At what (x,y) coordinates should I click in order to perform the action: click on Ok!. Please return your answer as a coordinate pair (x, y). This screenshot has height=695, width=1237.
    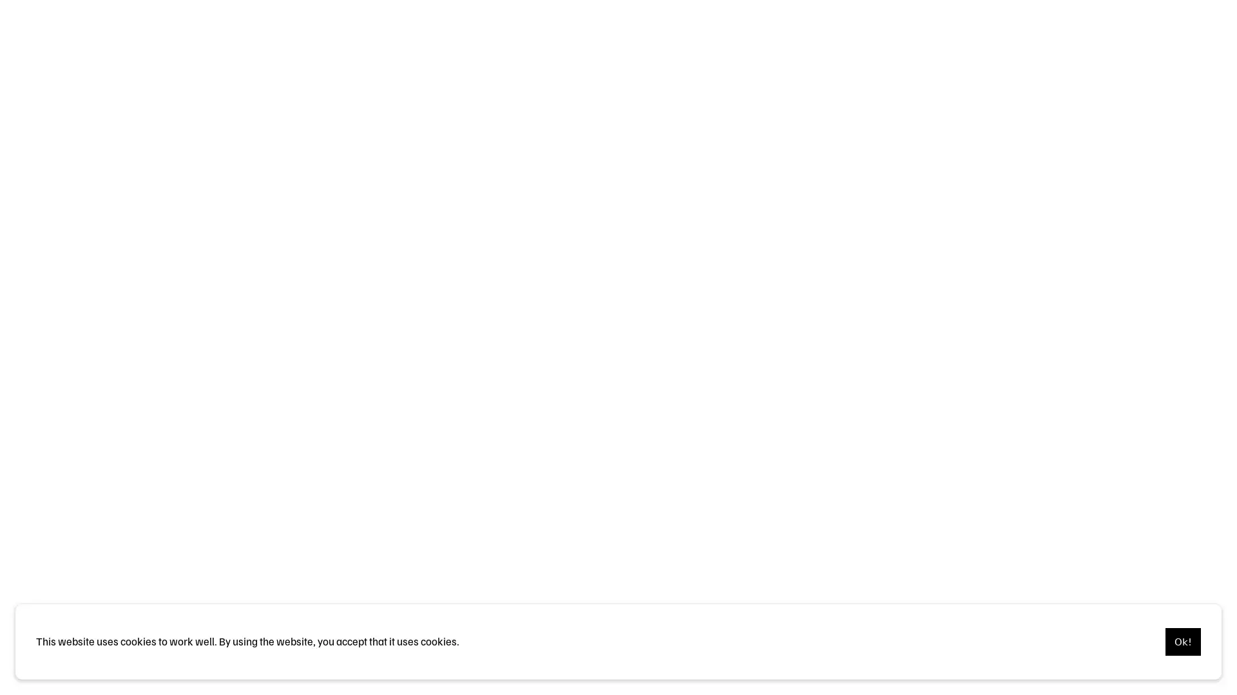
    Looking at the image, I should click on (1183, 641).